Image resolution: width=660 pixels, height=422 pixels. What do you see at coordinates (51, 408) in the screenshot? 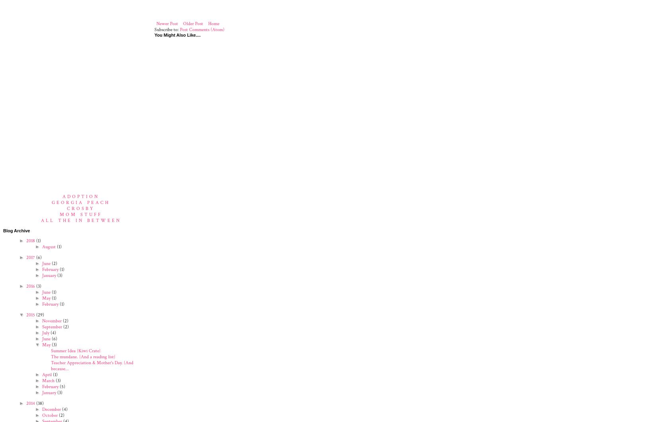
I see `'December'` at bounding box center [51, 408].